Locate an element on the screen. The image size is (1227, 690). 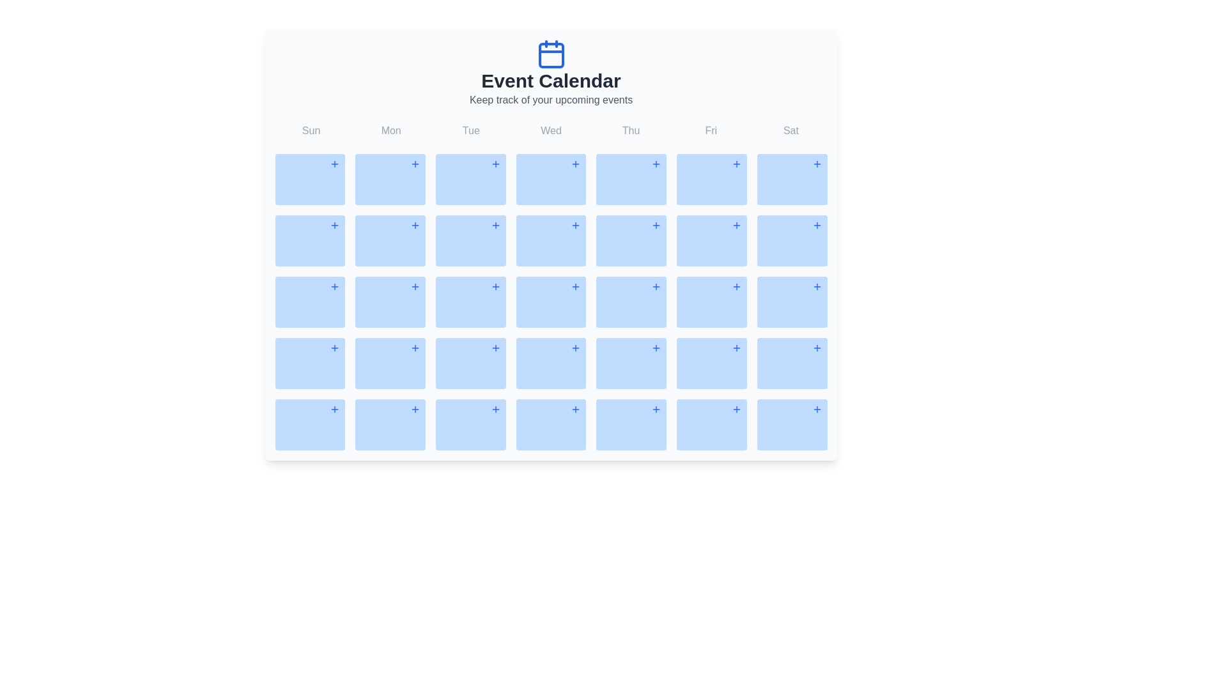
the interactive grid item with a light blue background and rounded corners located in the bottom row, second column of the grid by moving the cursor to its center is located at coordinates (390, 424).